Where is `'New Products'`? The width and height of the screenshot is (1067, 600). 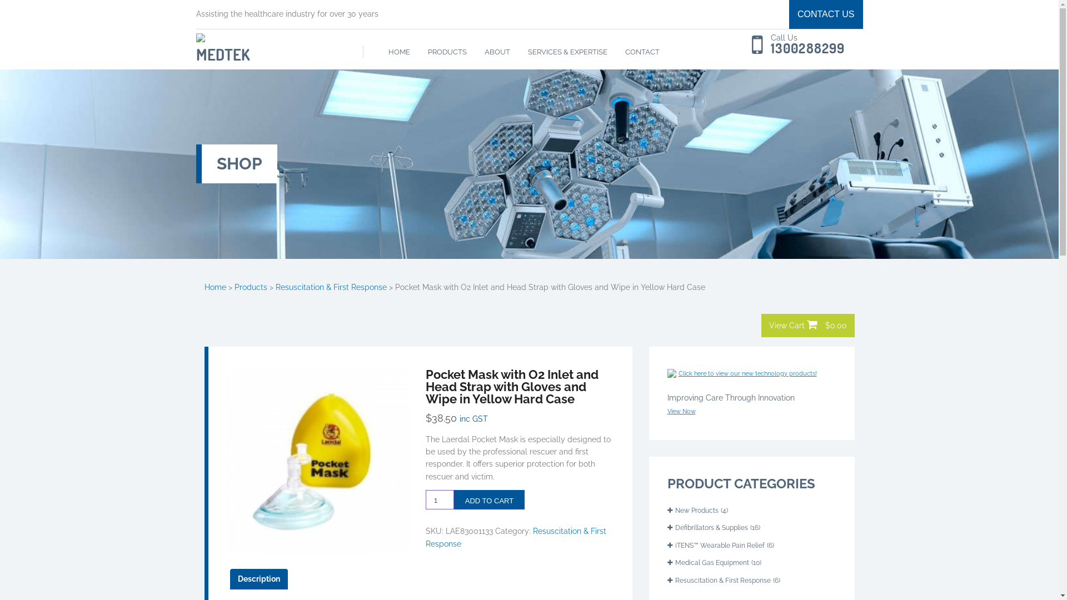
'New Products' is located at coordinates (692, 510).